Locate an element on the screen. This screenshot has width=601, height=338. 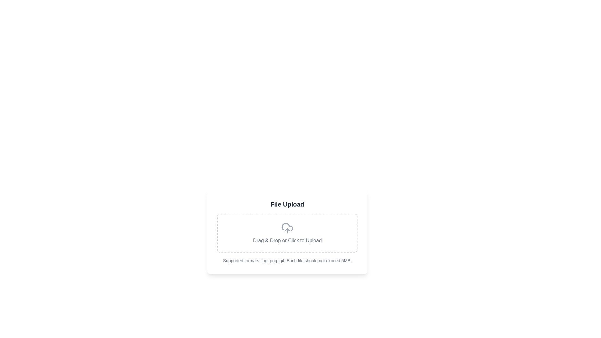
and drop files onto the Interactive file upload area, which is a rectangular area with a dashed border and rounded corners, featuring a cloud icon with an upward-pointing arrow and the text 'Drag & Drop or Click is located at coordinates (287, 233).